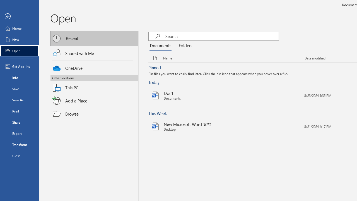  Describe the element at coordinates (94, 53) in the screenshot. I see `'Shared with Me'` at that location.